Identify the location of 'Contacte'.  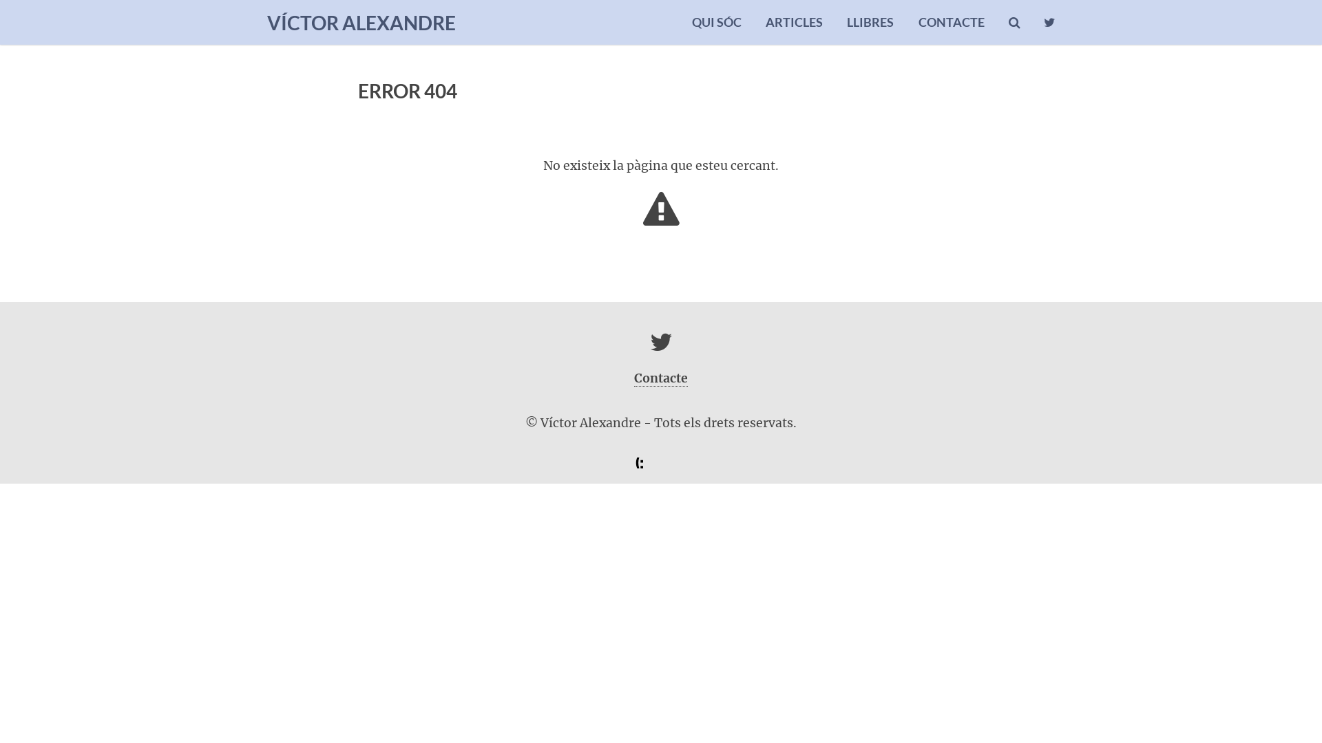
(661, 378).